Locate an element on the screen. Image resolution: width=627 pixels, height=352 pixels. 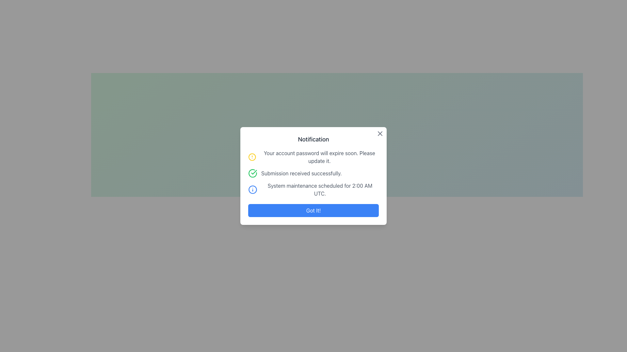
the close button located at the top-right corner of the modal, adjacent to the title 'Notification', to change its icon color is located at coordinates (380, 133).